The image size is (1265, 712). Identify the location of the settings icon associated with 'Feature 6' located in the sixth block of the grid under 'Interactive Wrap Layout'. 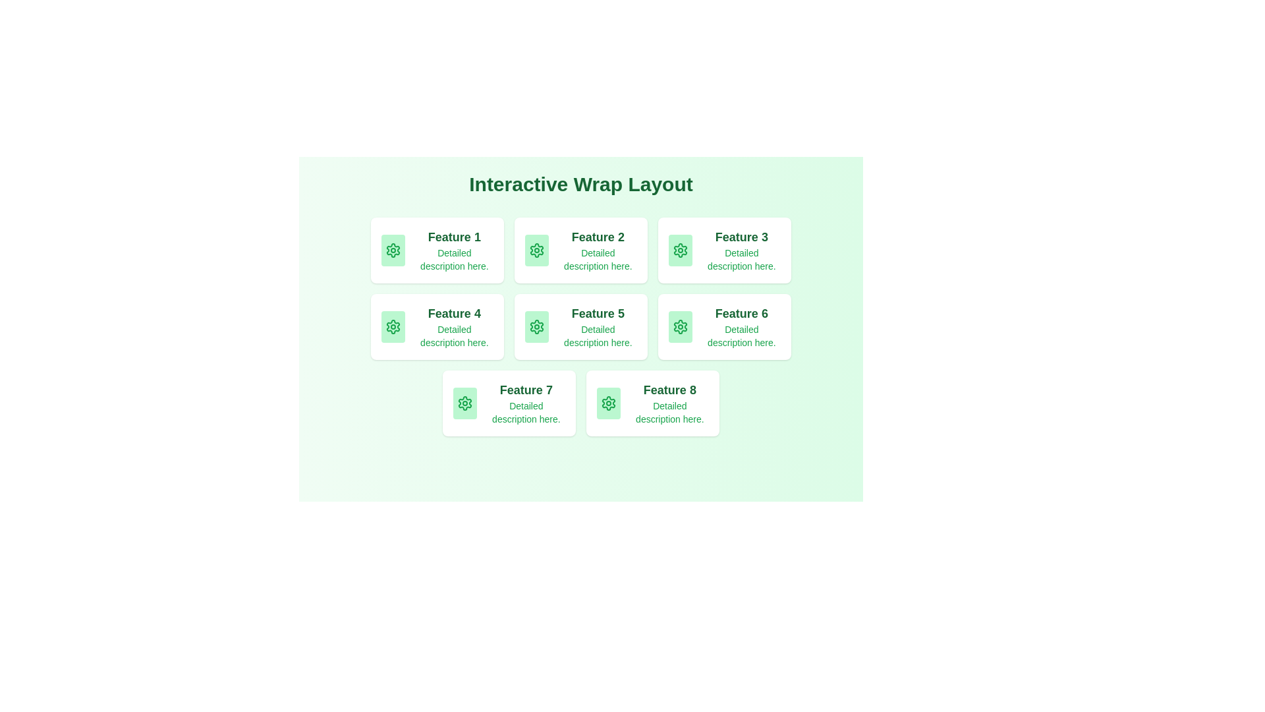
(680, 326).